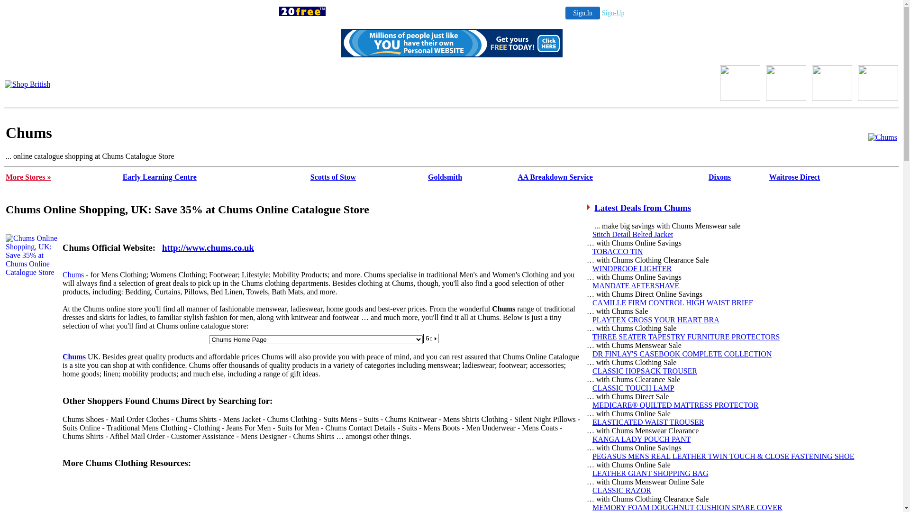 Image resolution: width=910 pixels, height=512 pixels. What do you see at coordinates (682, 354) in the screenshot?
I see `'DR FINLAY'S CASEBOOK COMPLETE COLLECTION'` at bounding box center [682, 354].